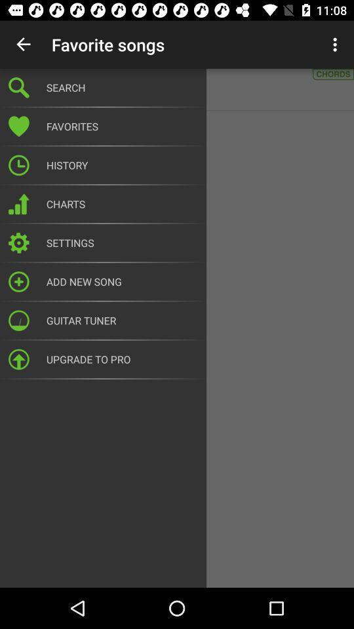  What do you see at coordinates (24, 45) in the screenshot?
I see `the icon to the left of the favorite songs app` at bounding box center [24, 45].